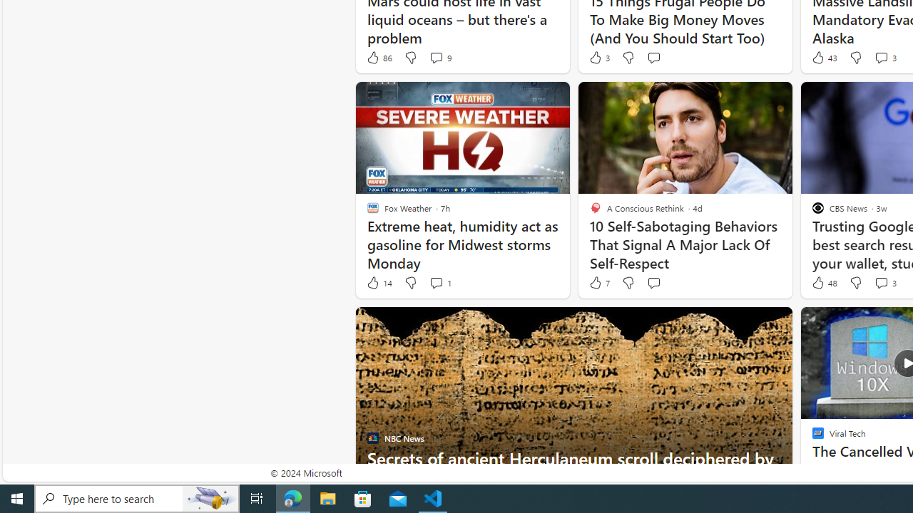  Describe the element at coordinates (598, 57) in the screenshot. I see `'3 Like'` at that location.